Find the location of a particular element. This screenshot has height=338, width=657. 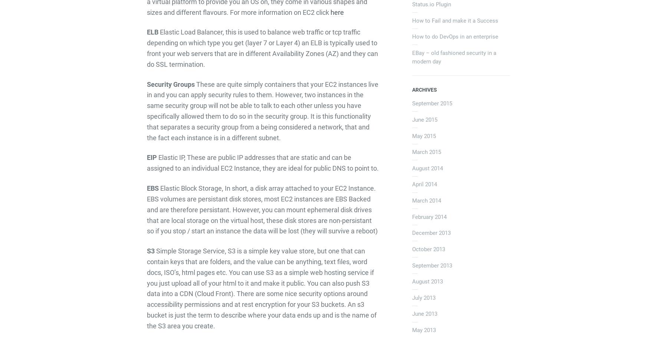

'These are quite simply containers that your EC2 instances live in and you can apply security rules to them. However, two instances in the same security group will not be able to talk to each other unless you have specifically allowed them to do so in the security group. It is this functionality that separates a security group from a being considered a network, that and the fact each instance is in a different subnet.' is located at coordinates (146, 111).